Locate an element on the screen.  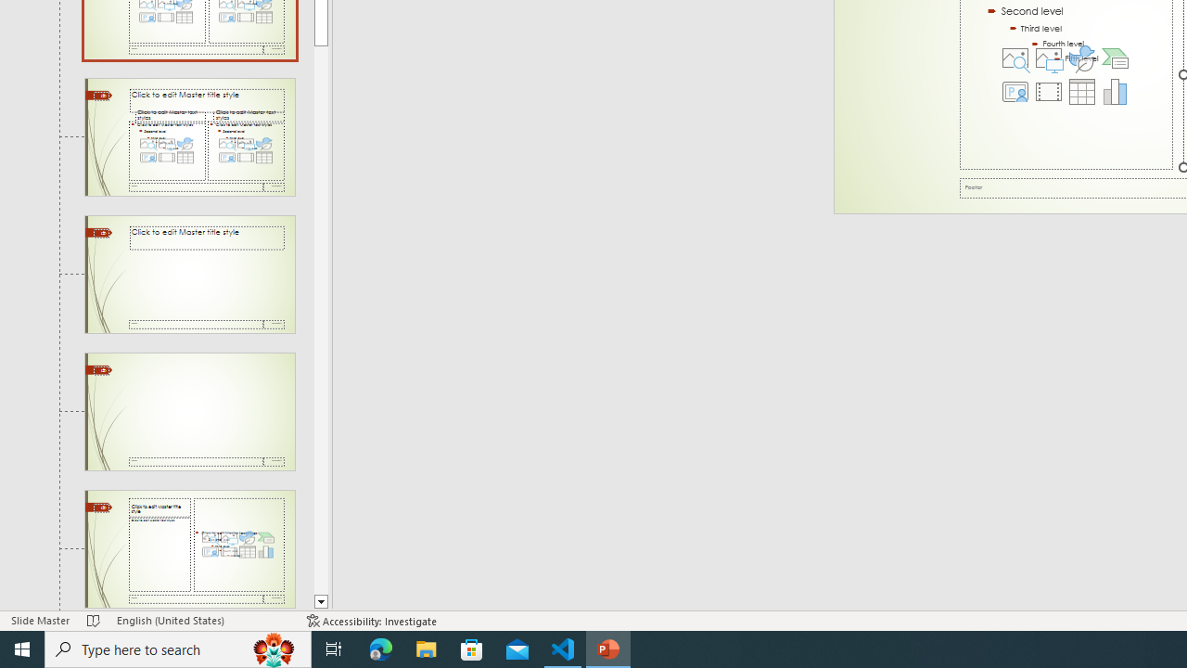
'Stock Images' is located at coordinates (1015, 57).